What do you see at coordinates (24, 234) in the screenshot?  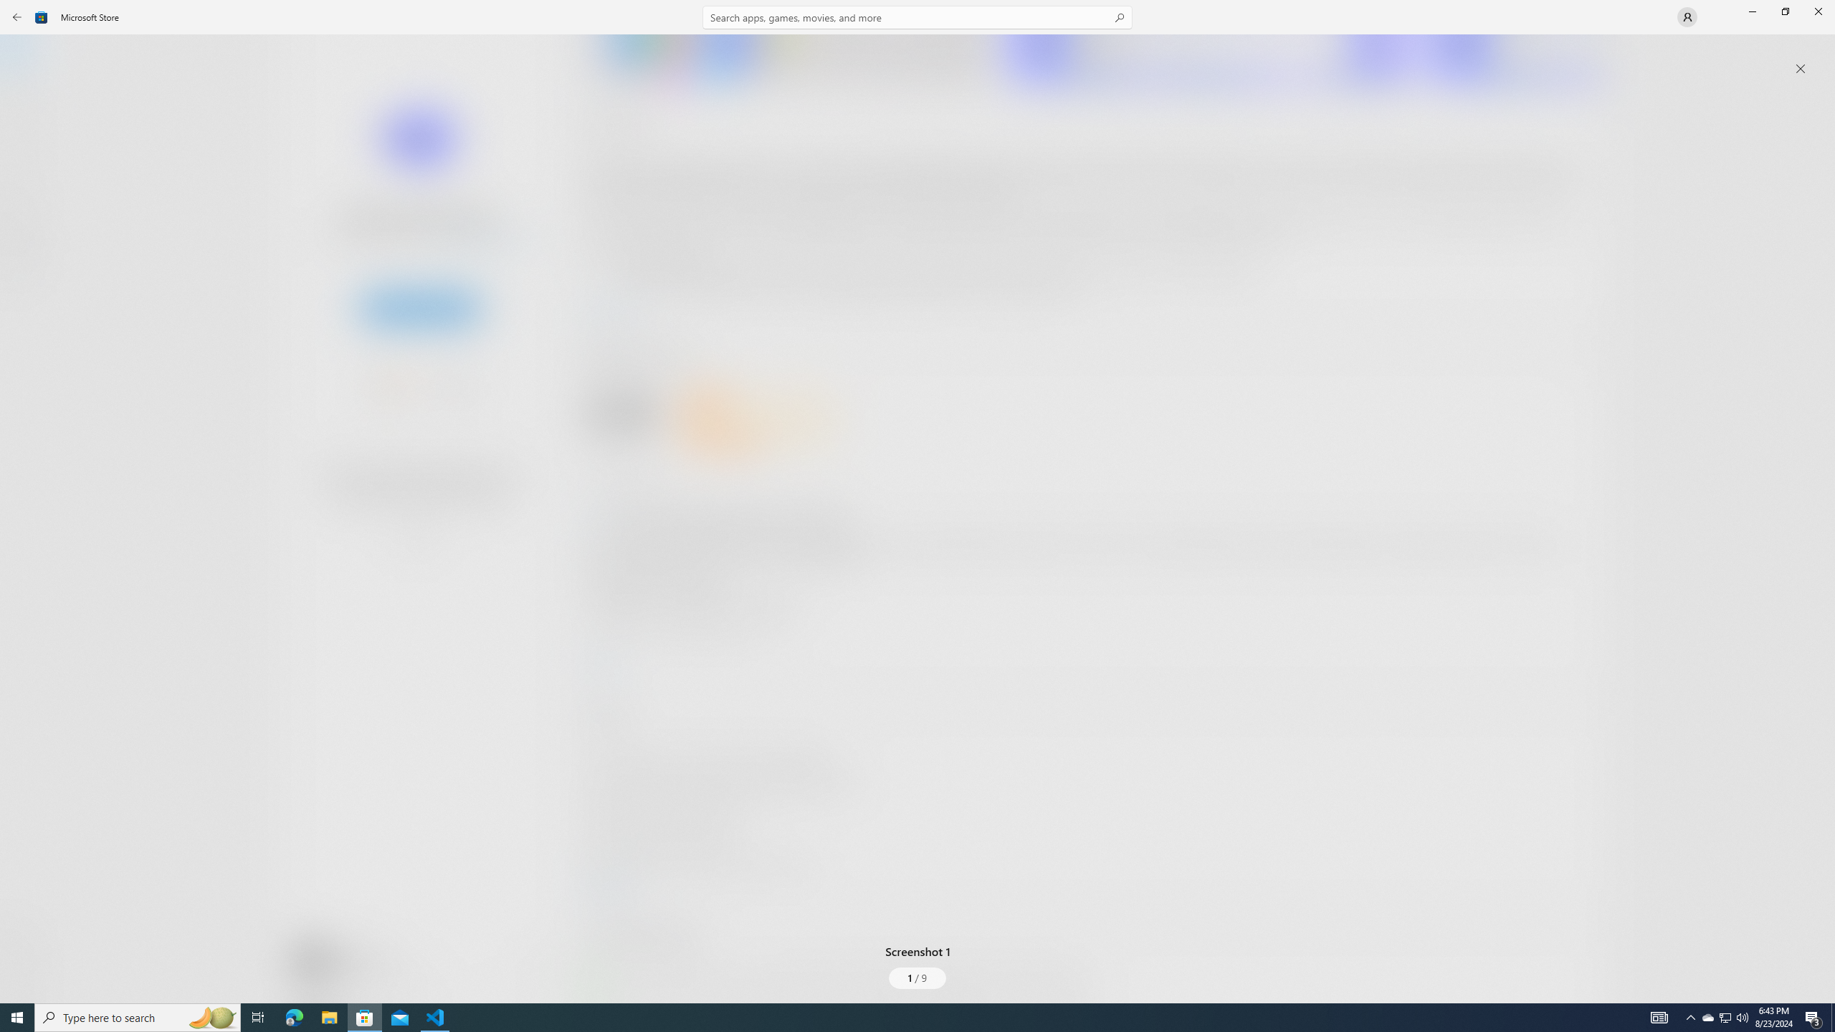 I see `'Entertainment'` at bounding box center [24, 234].